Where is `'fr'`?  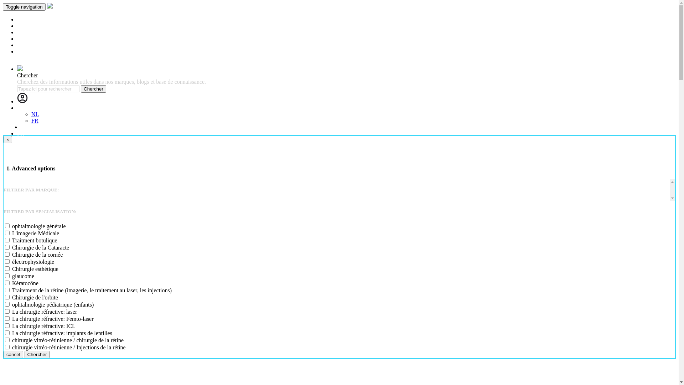 'fr' is located at coordinates (19, 108).